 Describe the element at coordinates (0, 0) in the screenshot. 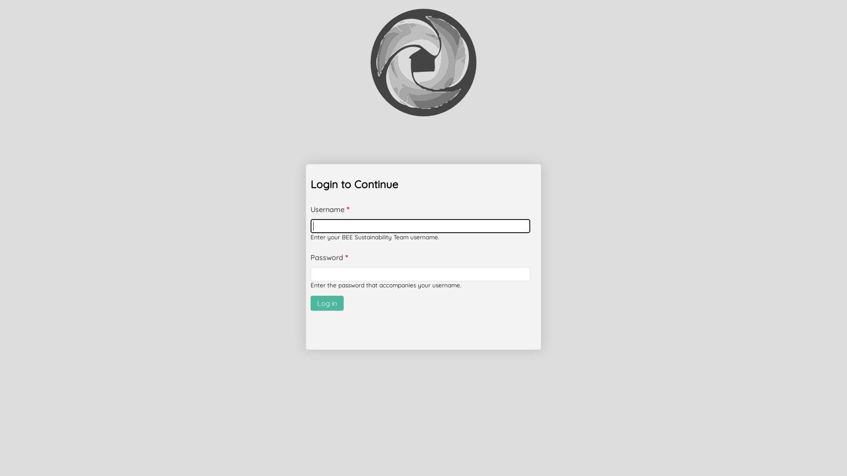

I see `'Skip to main content'` at that location.